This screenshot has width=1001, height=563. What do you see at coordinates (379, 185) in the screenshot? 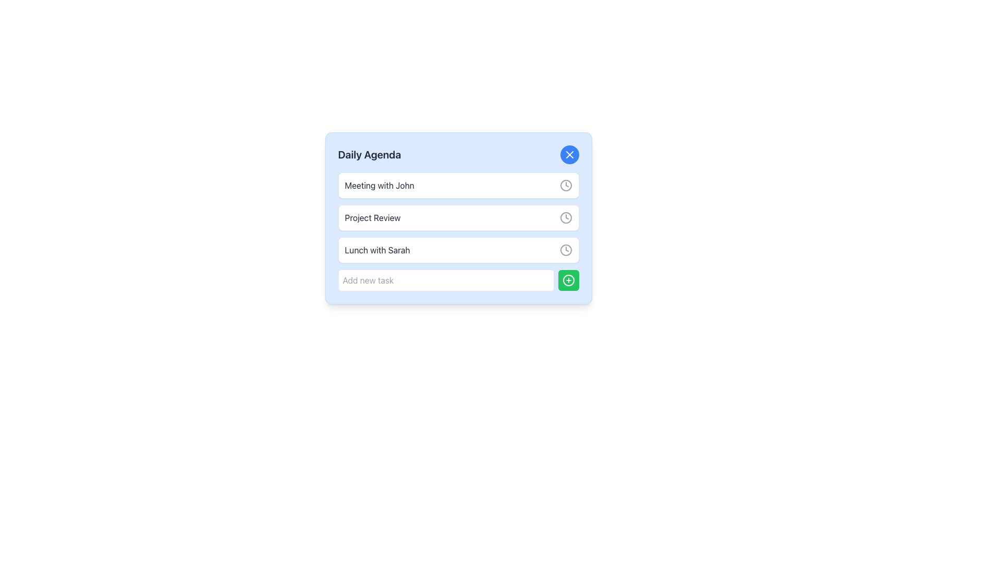
I see `the text label displaying 'Meeting with John' within the first item of the 'Daily Agenda' list` at bounding box center [379, 185].